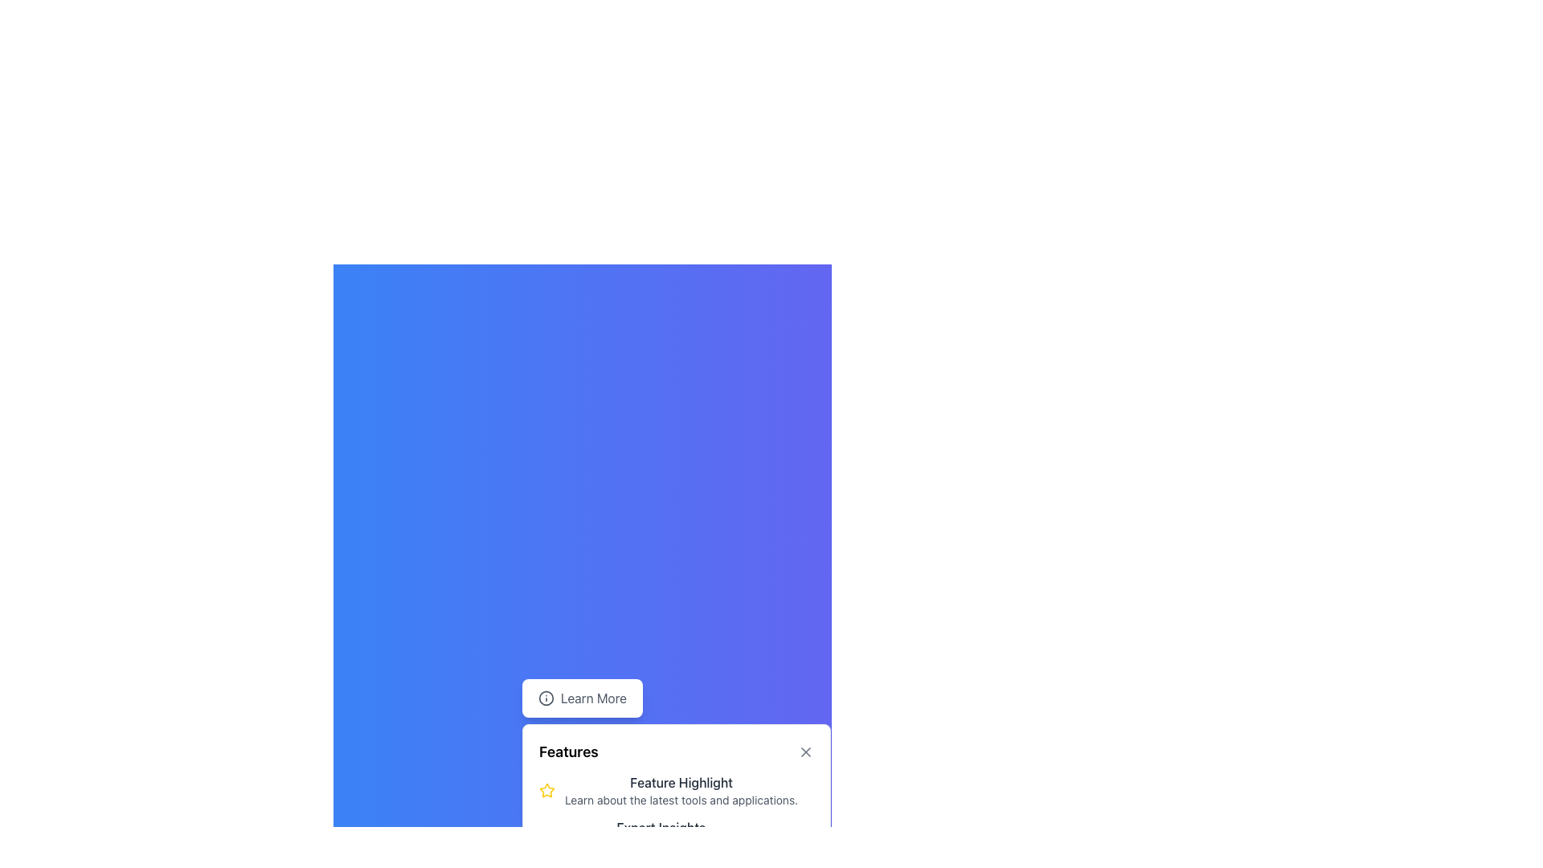  Describe the element at coordinates (661, 835) in the screenshot. I see `the Text Label Pair located in the 'Features' section, positioned below the 'Feature Highlight' card and next to a star icon` at that location.